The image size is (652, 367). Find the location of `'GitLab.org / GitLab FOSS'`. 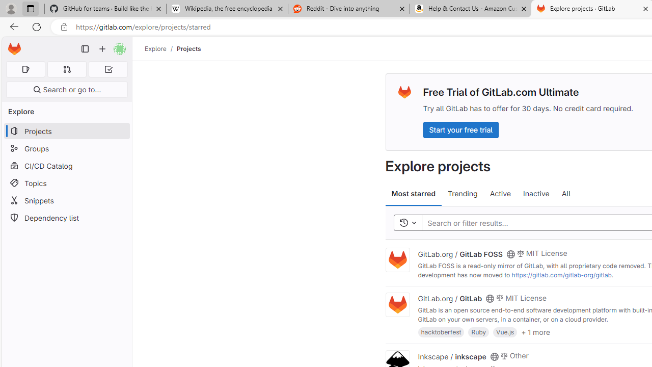

'GitLab.org / GitLab FOSS' is located at coordinates (459, 253).